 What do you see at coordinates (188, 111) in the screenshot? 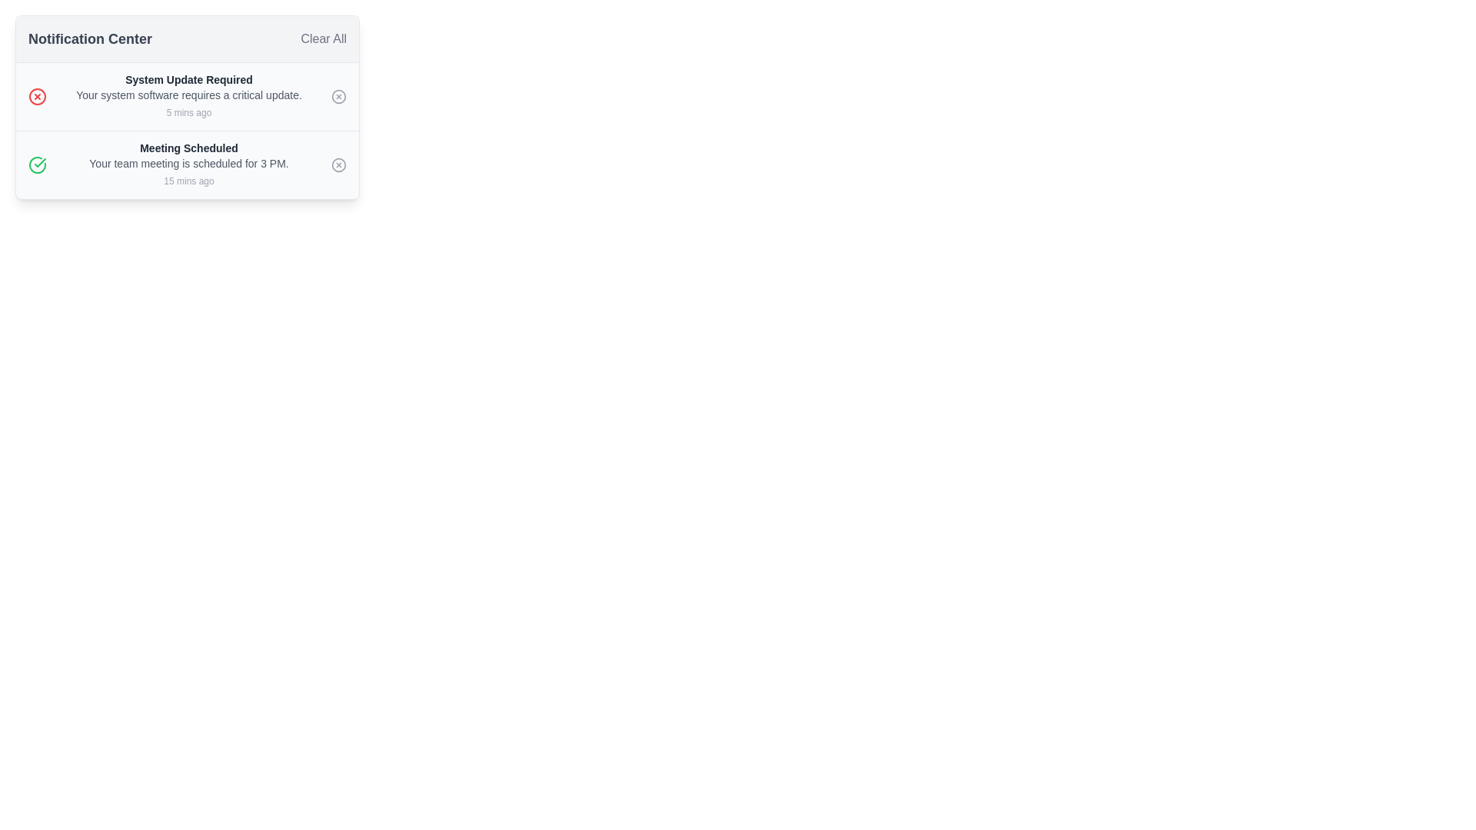
I see `the timestamp text label that indicates when an event occurred, positioned beneath the text 'Your system software requires a critical update.' and the title 'System Update Required'` at bounding box center [188, 111].